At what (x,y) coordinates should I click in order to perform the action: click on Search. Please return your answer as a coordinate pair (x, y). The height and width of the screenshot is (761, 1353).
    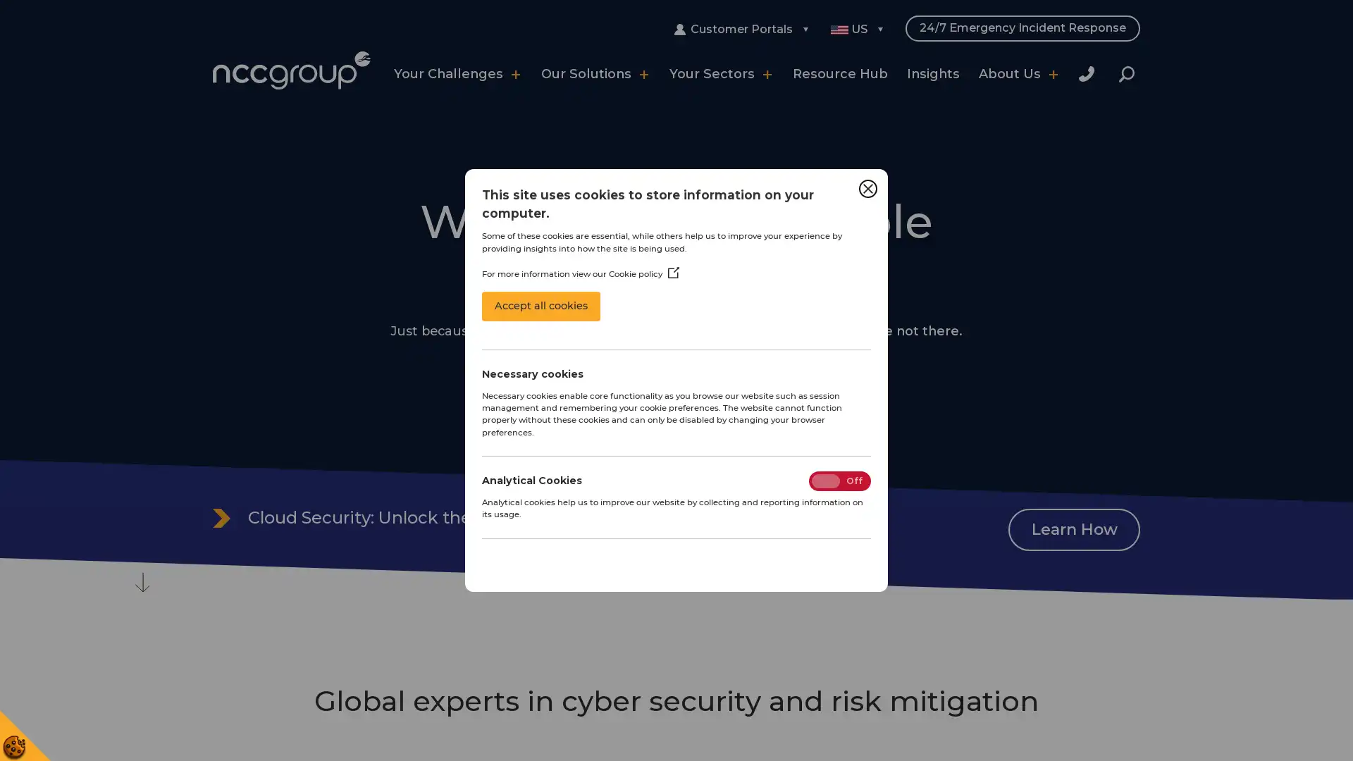
    Looking at the image, I should click on (1085, 175).